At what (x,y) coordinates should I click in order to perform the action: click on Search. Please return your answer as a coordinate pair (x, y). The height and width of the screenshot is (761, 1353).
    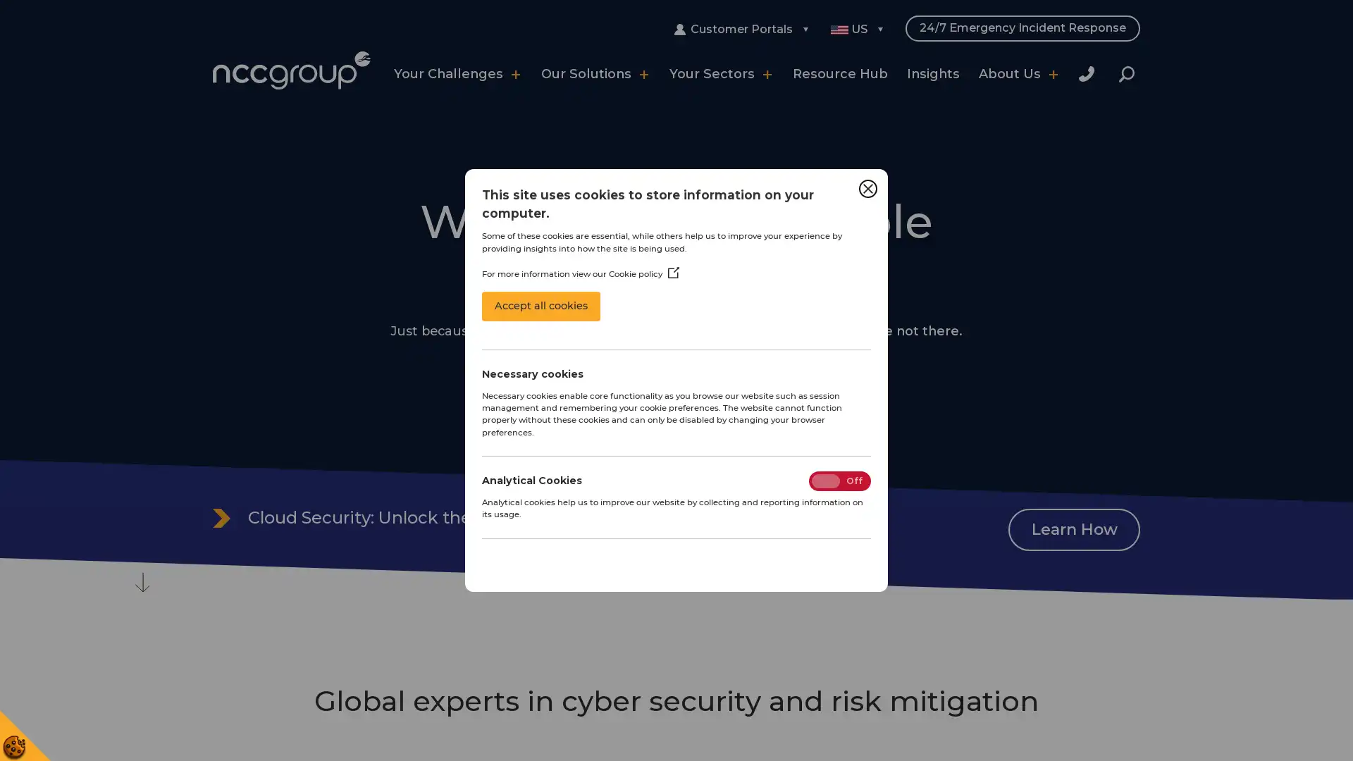
    Looking at the image, I should click on (1085, 175).